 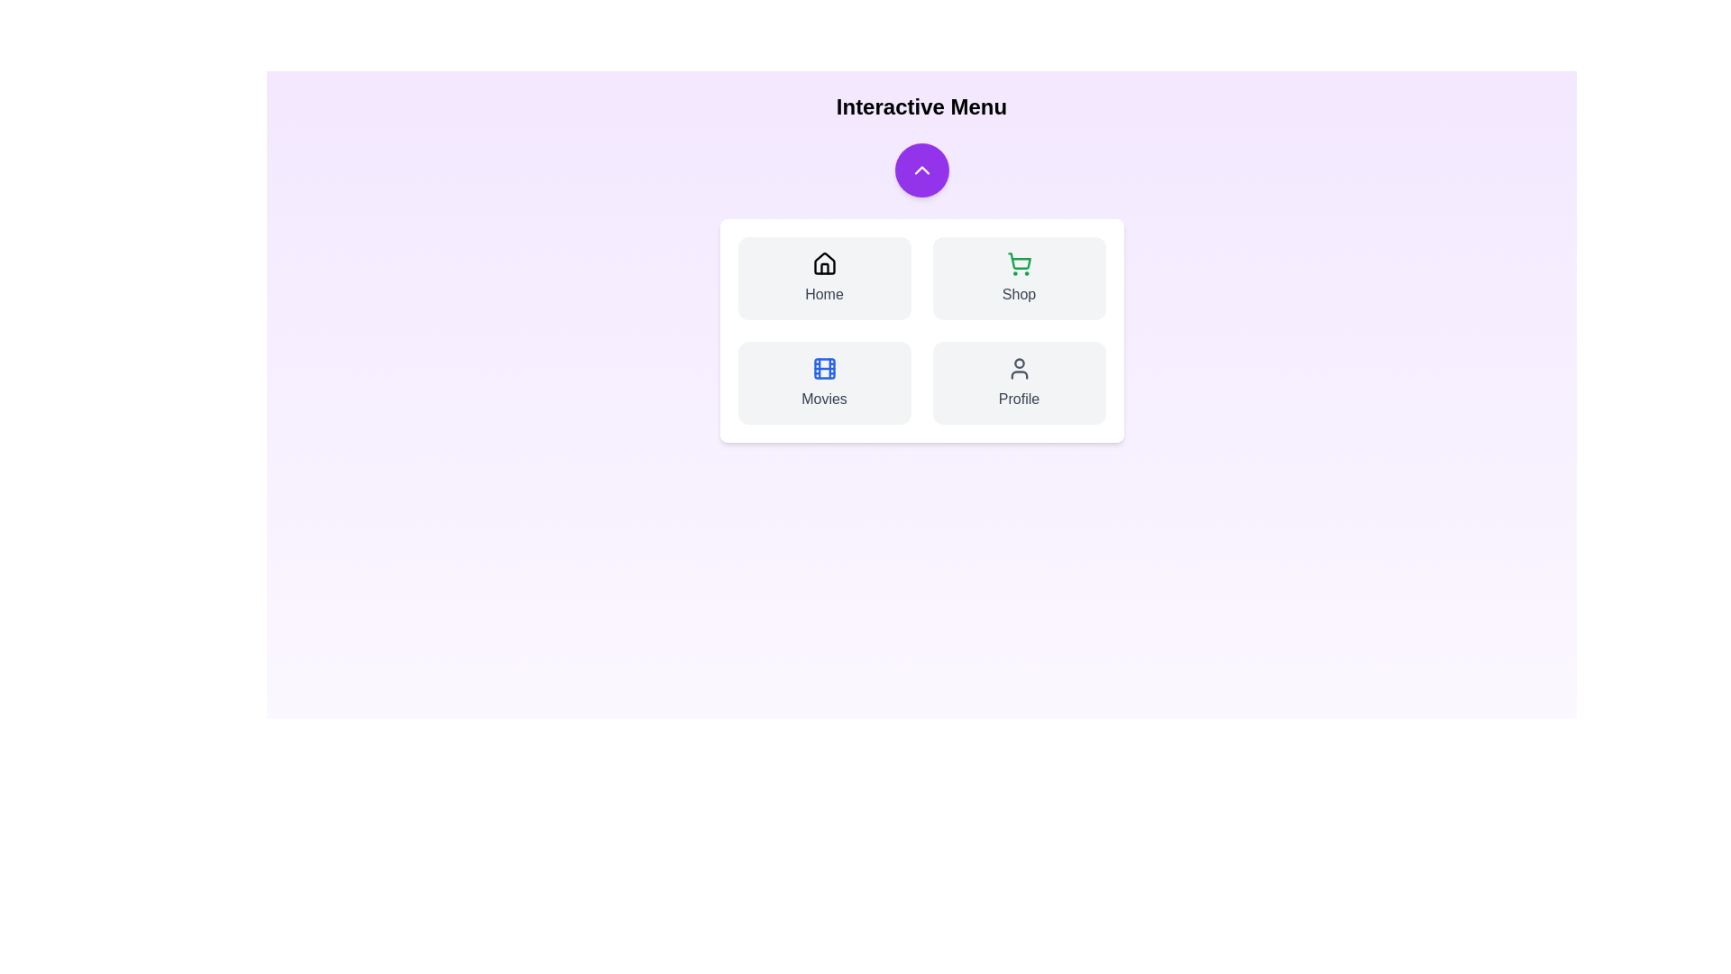 I want to click on the Movies button in the InteractiveNavbar component, so click(x=823, y=381).